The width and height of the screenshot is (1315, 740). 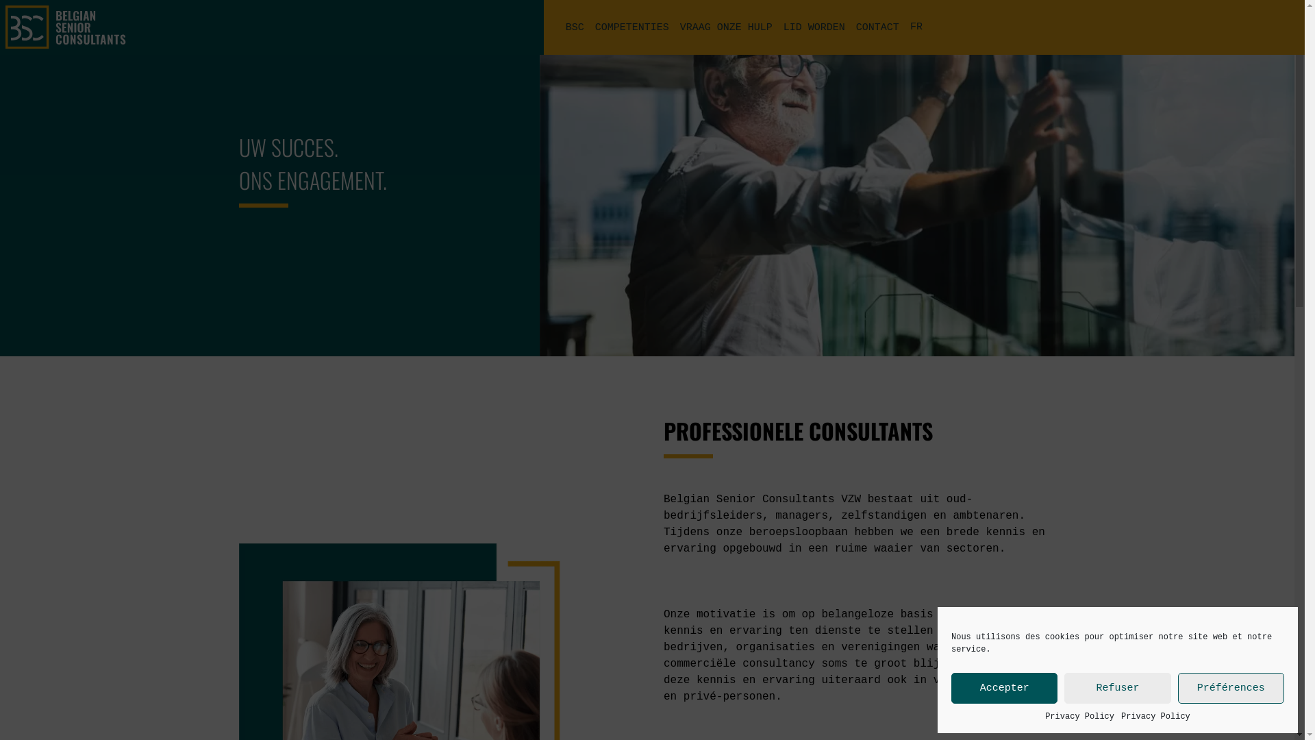 What do you see at coordinates (725, 27) in the screenshot?
I see `'VRAAG ONZE HULP'` at bounding box center [725, 27].